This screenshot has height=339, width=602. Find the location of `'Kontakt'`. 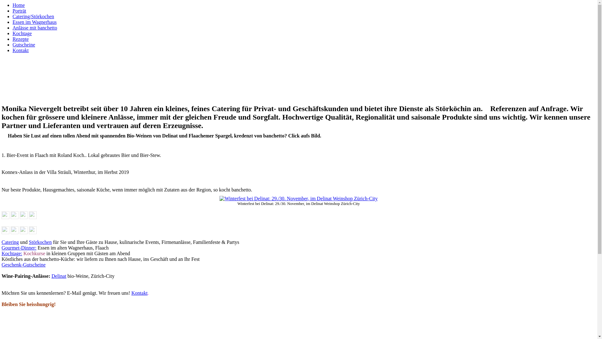

'Kontakt' is located at coordinates (139, 293).